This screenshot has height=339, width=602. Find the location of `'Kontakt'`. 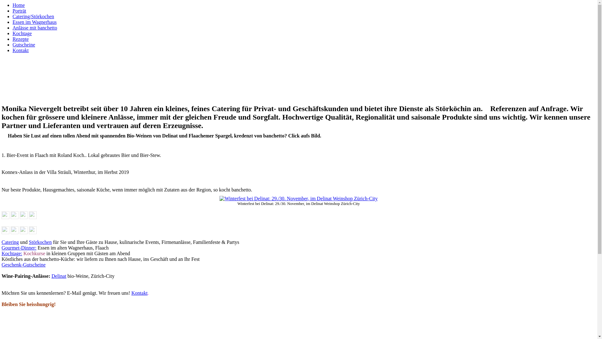

'Kontakt' is located at coordinates (139, 293).